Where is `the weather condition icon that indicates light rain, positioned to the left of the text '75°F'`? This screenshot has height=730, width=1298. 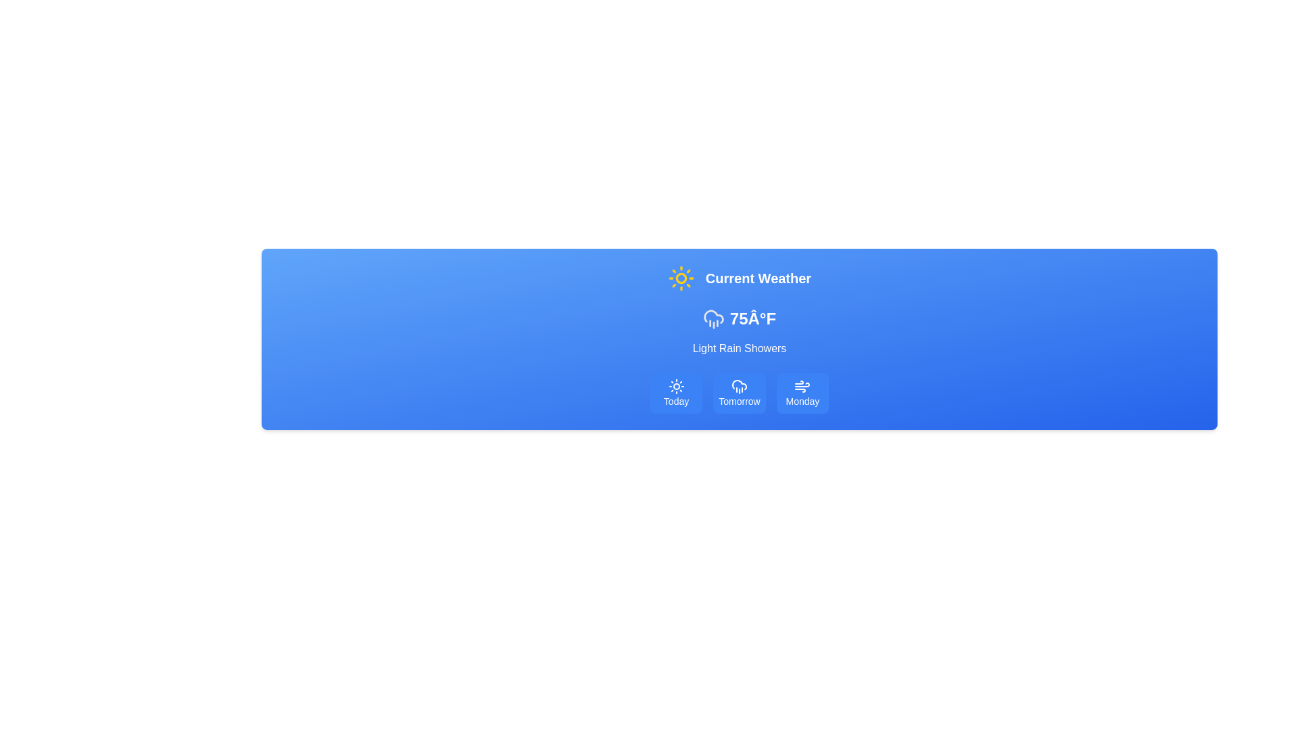 the weather condition icon that indicates light rain, positioned to the left of the text '75°F' is located at coordinates (713, 318).